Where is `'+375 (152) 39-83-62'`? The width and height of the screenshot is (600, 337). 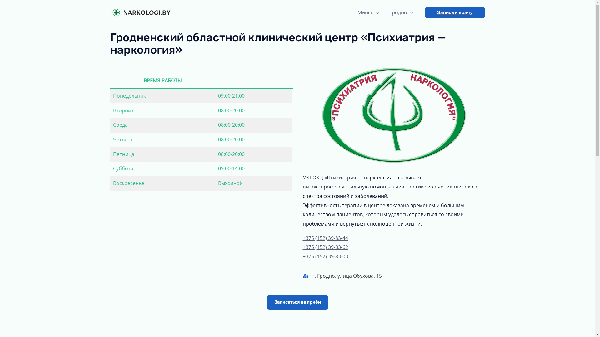 '+375 (152) 39-83-62' is located at coordinates (325, 247).